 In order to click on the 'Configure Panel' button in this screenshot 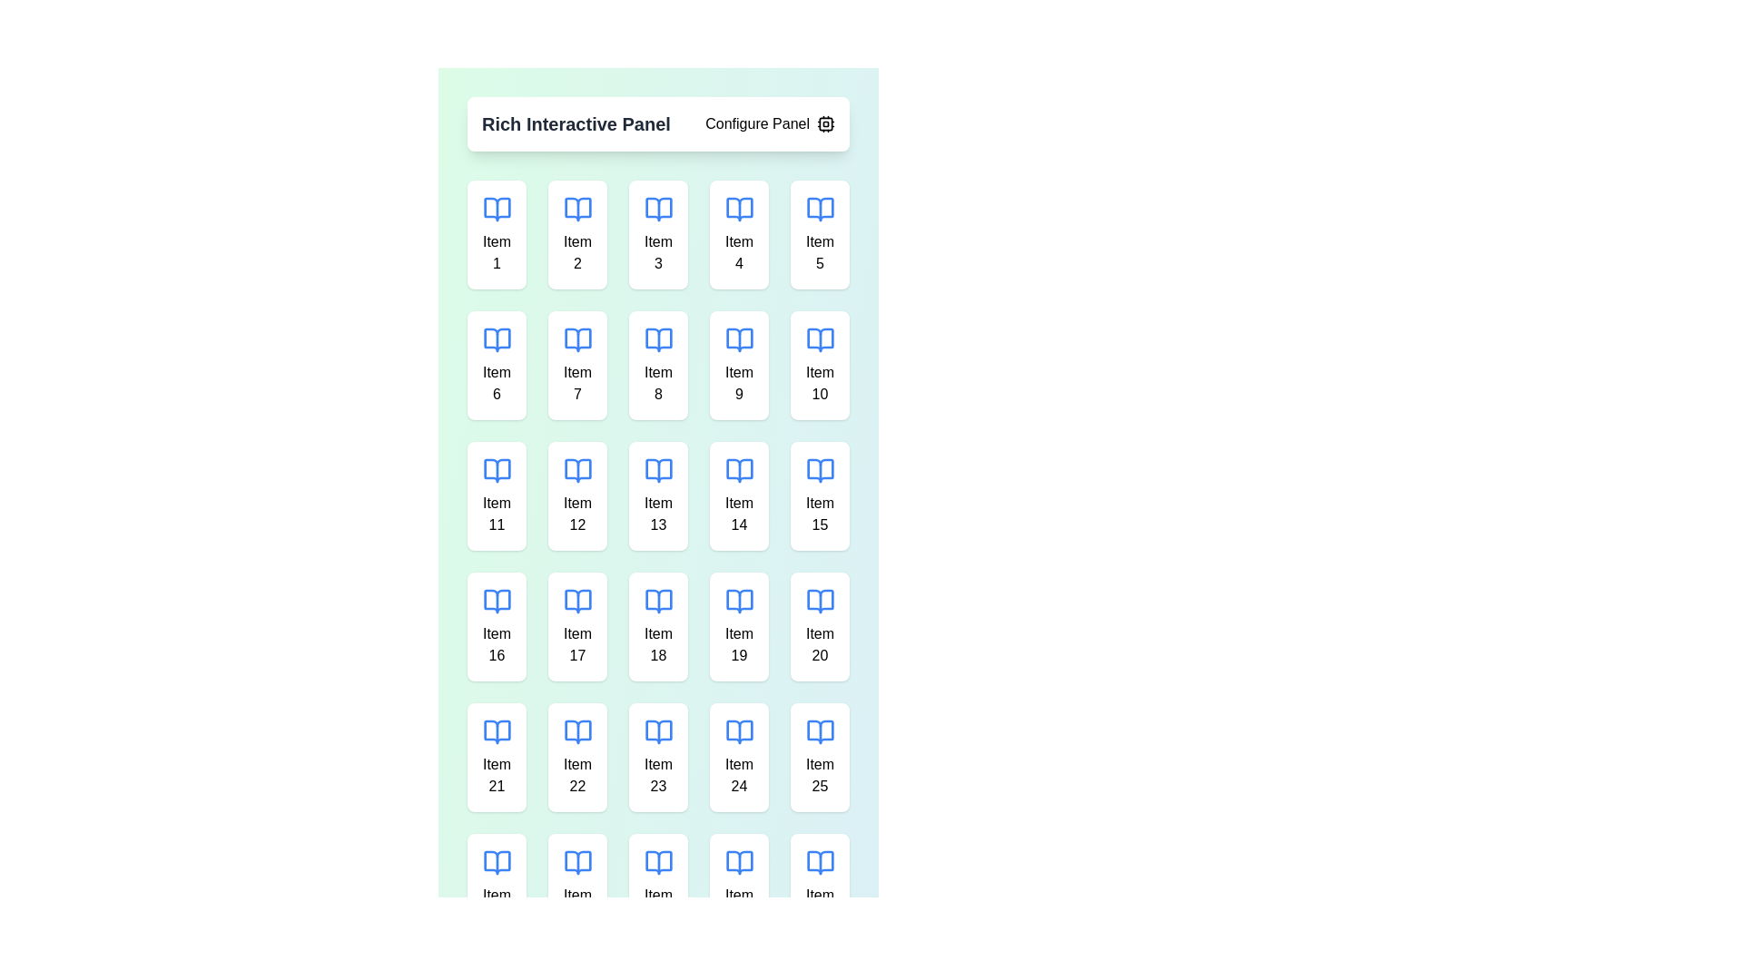, I will do `click(770, 123)`.